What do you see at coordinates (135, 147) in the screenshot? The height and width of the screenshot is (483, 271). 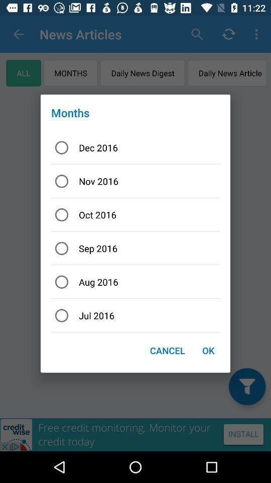 I see `icon above nov 2016 icon` at bounding box center [135, 147].